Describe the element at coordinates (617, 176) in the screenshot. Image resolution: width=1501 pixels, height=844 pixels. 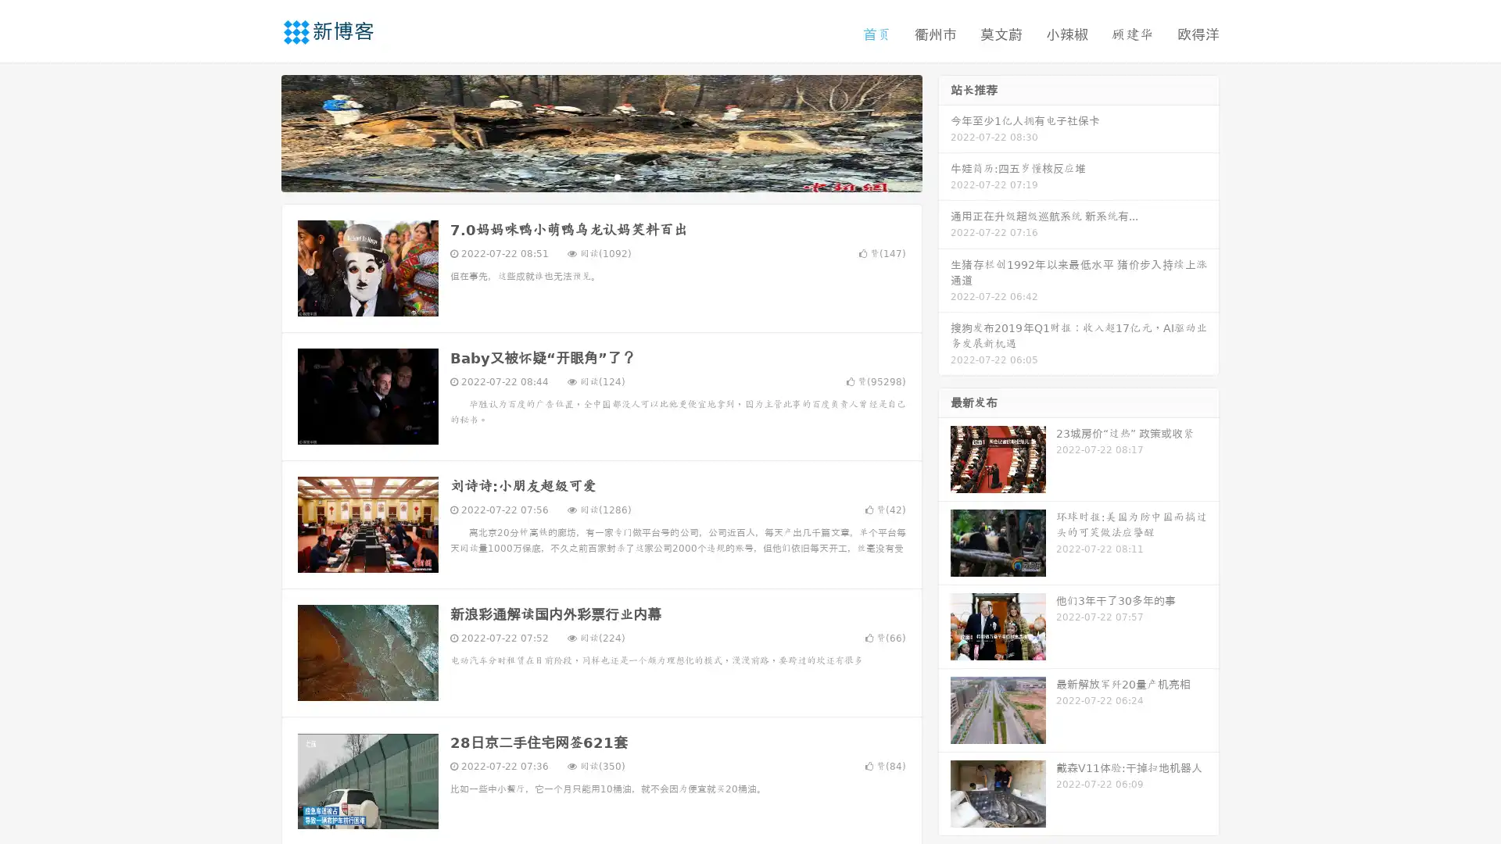
I see `Go to slide 3` at that location.